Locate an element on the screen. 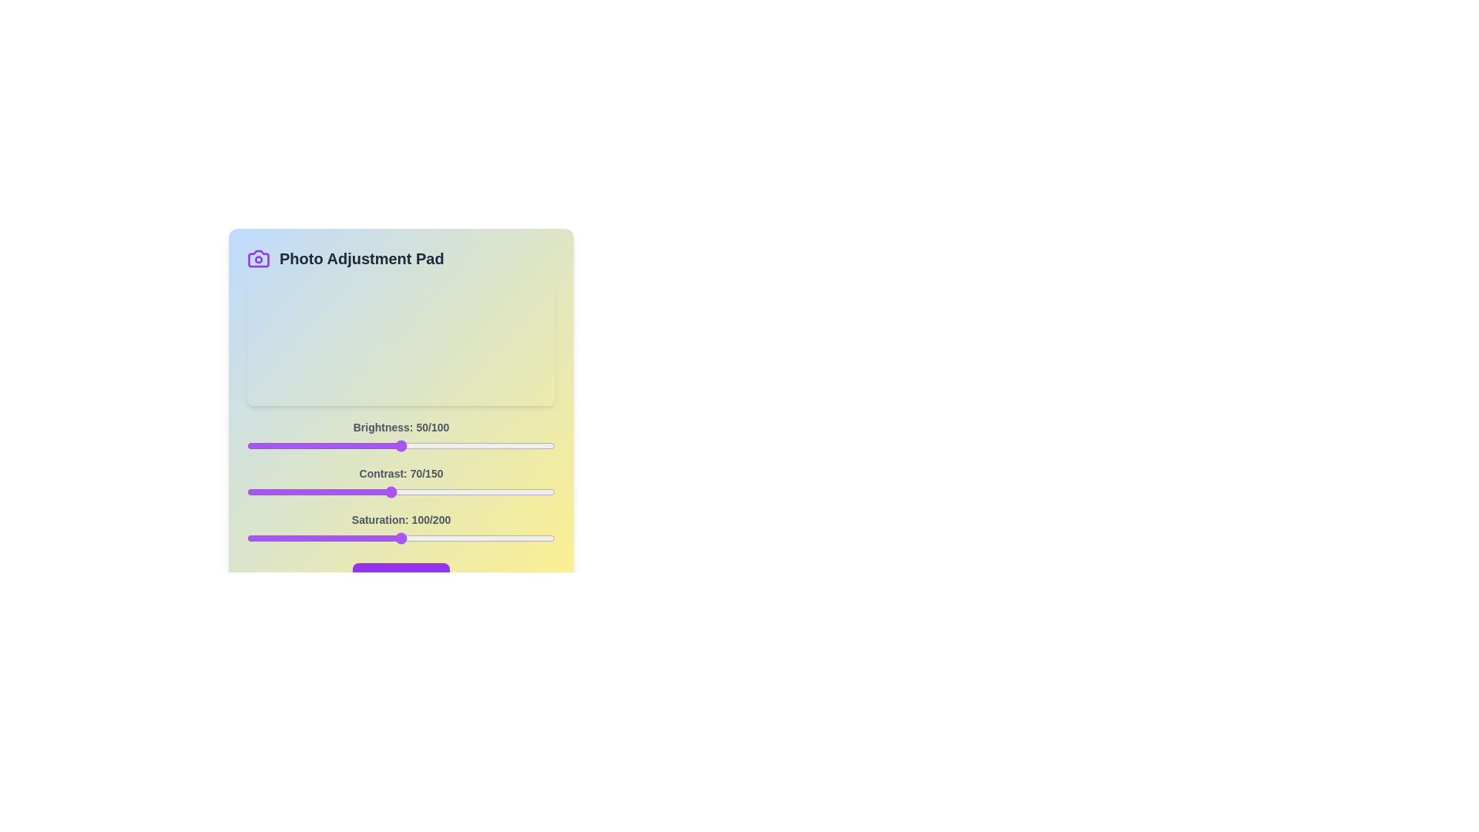 The image size is (1479, 832). the 0 slider to 16 is located at coordinates (296, 445).